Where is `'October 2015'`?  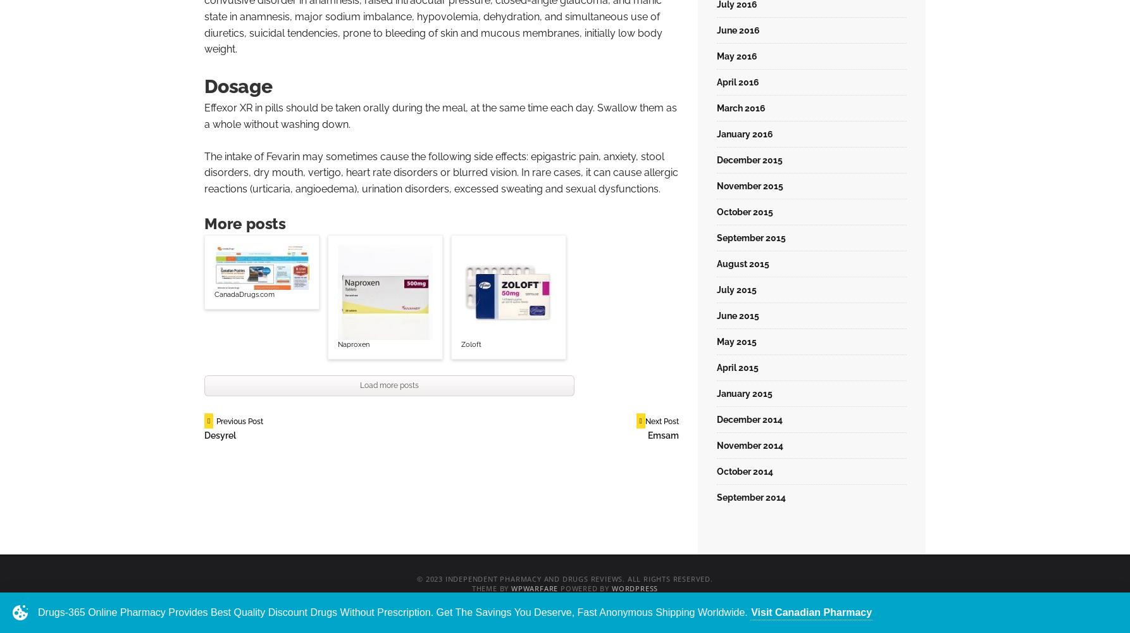 'October 2015' is located at coordinates (744, 211).